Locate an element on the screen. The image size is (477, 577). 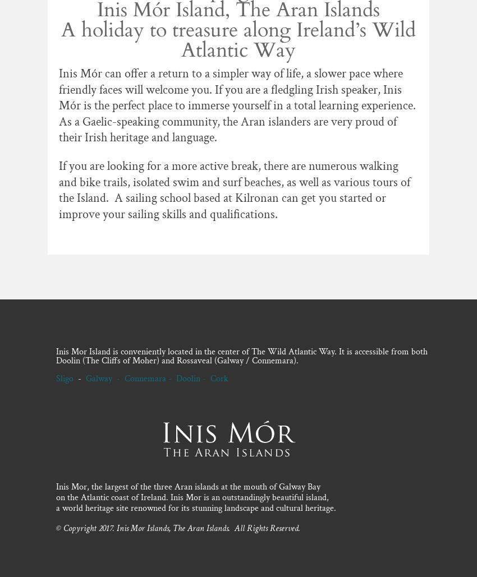
'© Copyright 2017. Inis Mor Islands, The Aran Islands.  All Rights Reserved.' is located at coordinates (55, 528).